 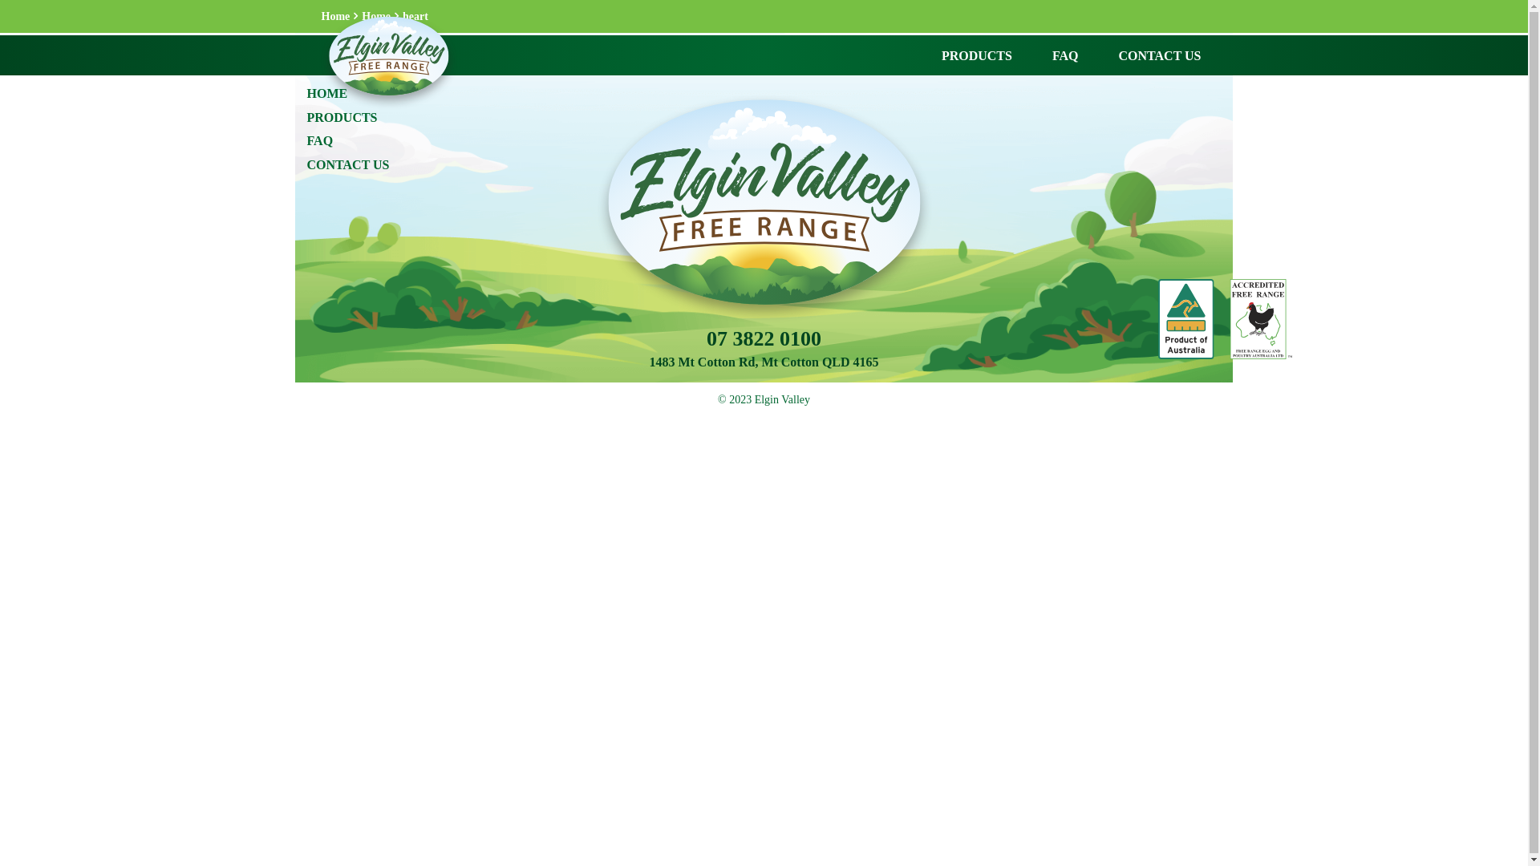 What do you see at coordinates (334, 16) in the screenshot?
I see `'Home'` at bounding box center [334, 16].